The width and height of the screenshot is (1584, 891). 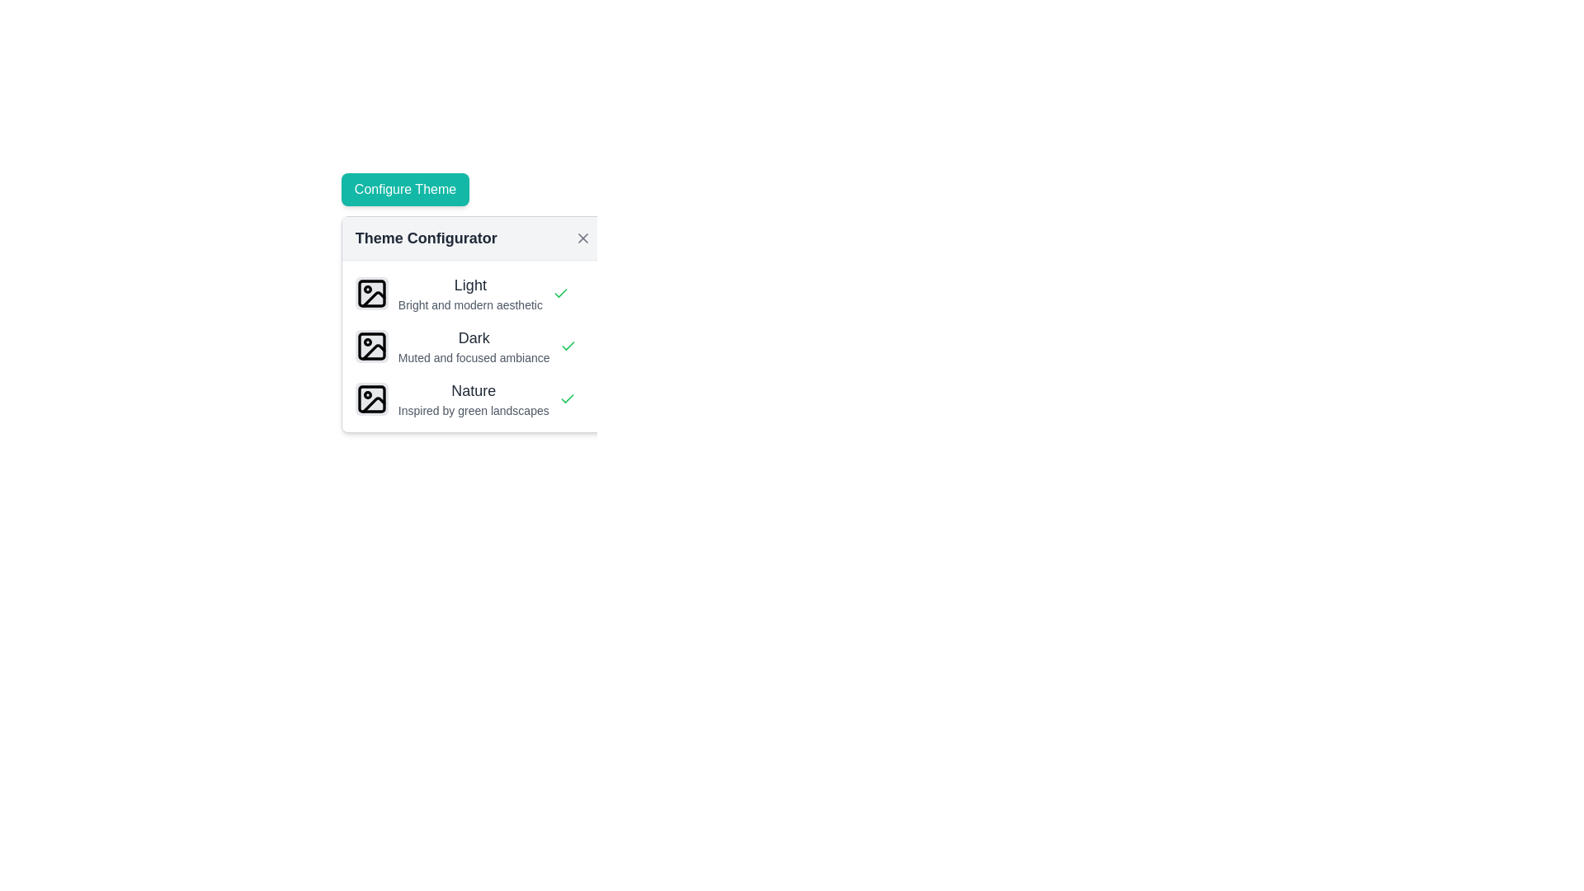 What do you see at coordinates (567, 398) in the screenshot?
I see `the last checkmark icon indicating the selected state of the 'Nature' theme option in the 'Theme Configurator' modal` at bounding box center [567, 398].